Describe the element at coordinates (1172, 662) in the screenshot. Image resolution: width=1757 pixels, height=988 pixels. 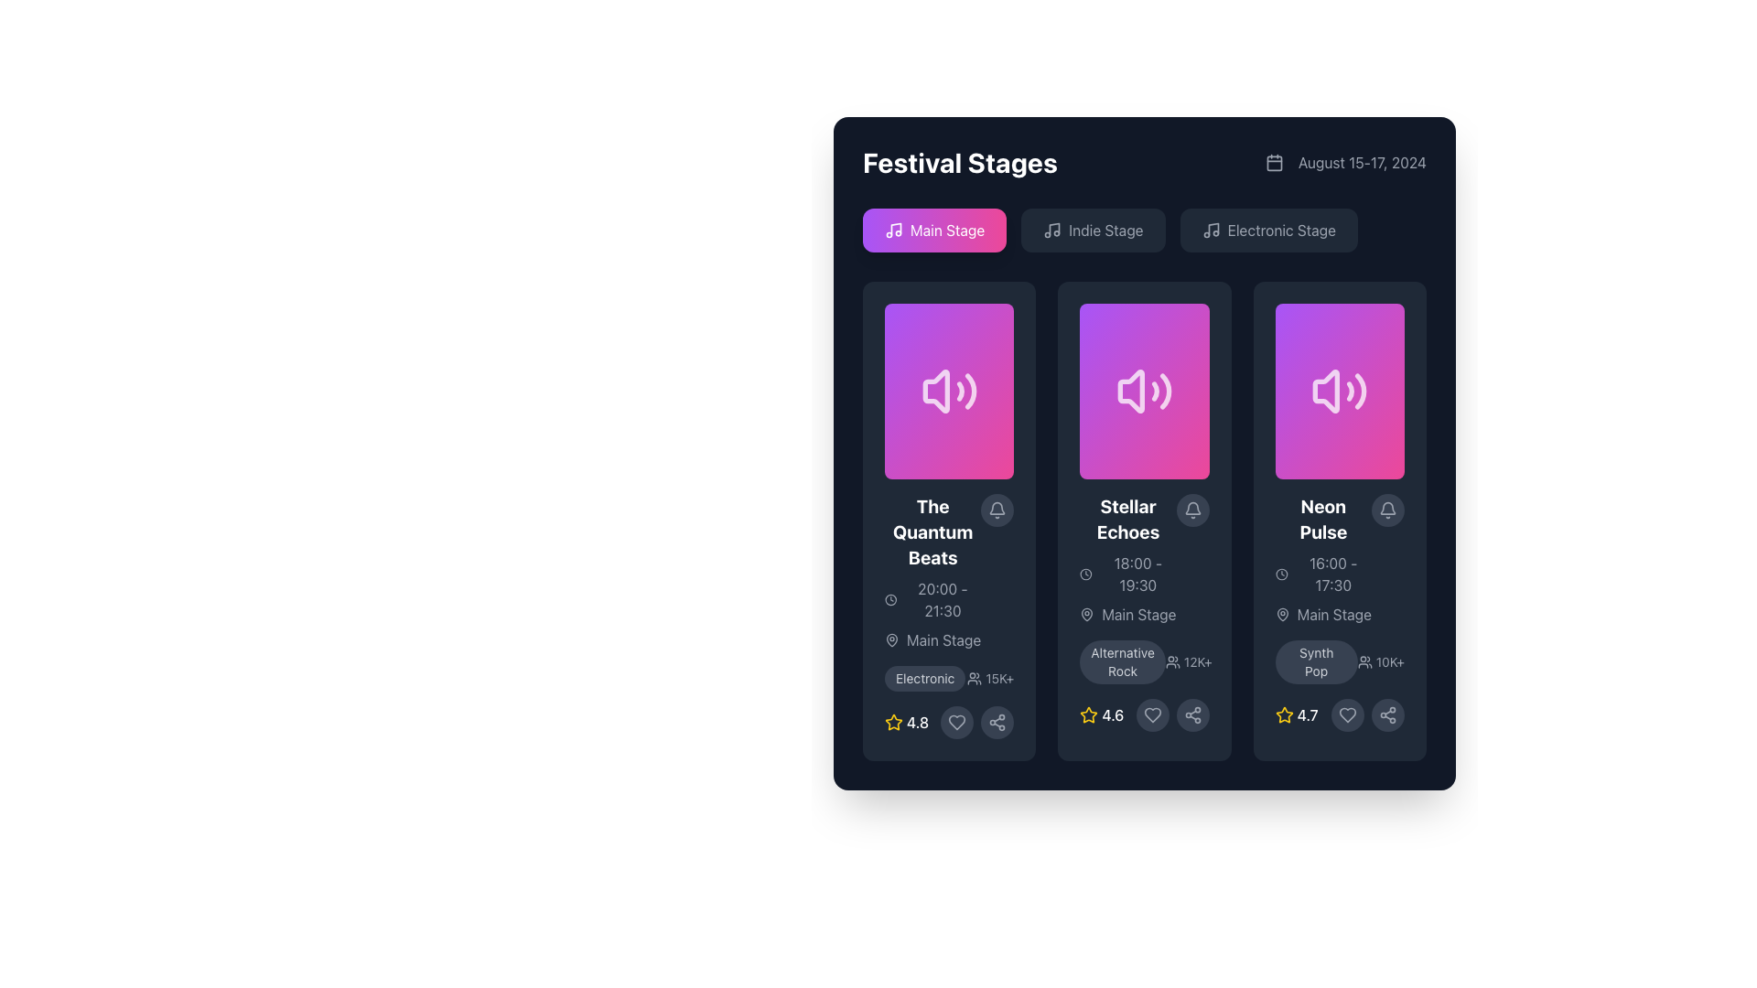
I see `properties of the icon resembling a group of users, located next to the '12K+' text in the center card of the layout for the 'Stellar Echoes' event` at that location.